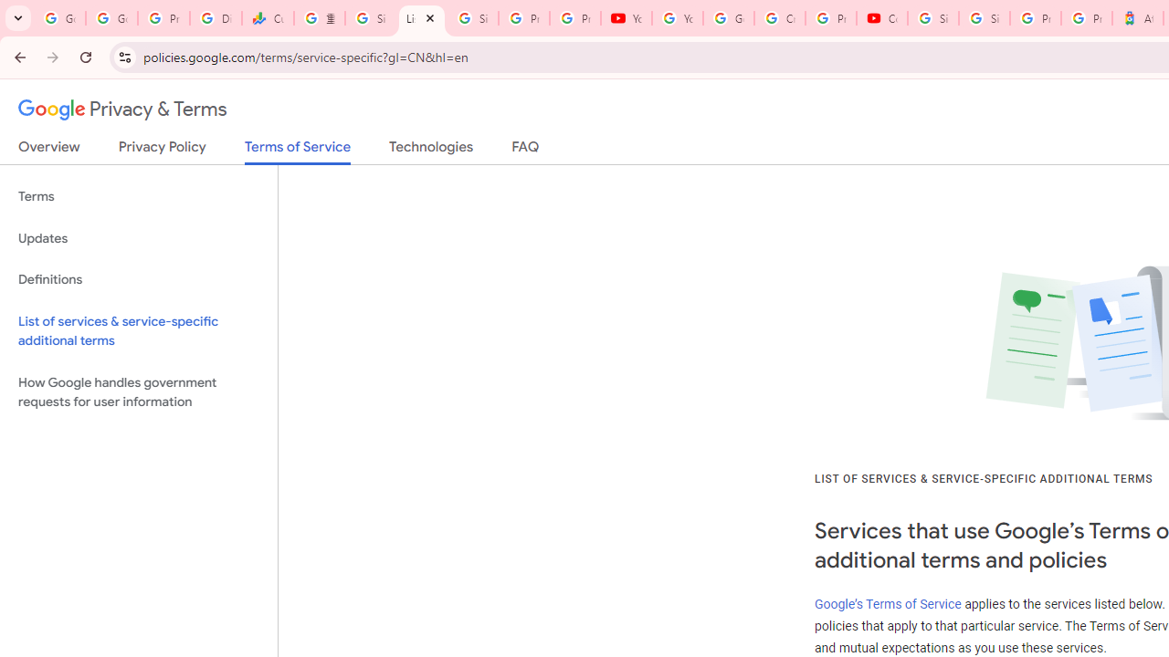 This screenshot has height=657, width=1169. Describe the element at coordinates (138, 391) in the screenshot. I see `'How Google handles government requests for user information'` at that location.